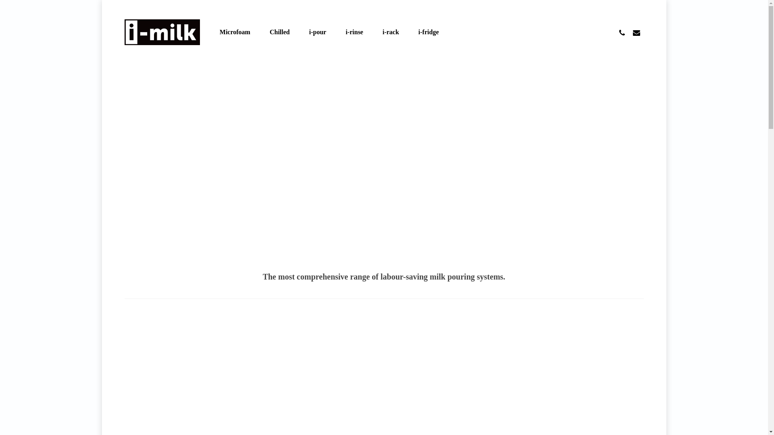 This screenshot has width=774, height=435. I want to click on 'i-pour', so click(309, 32).